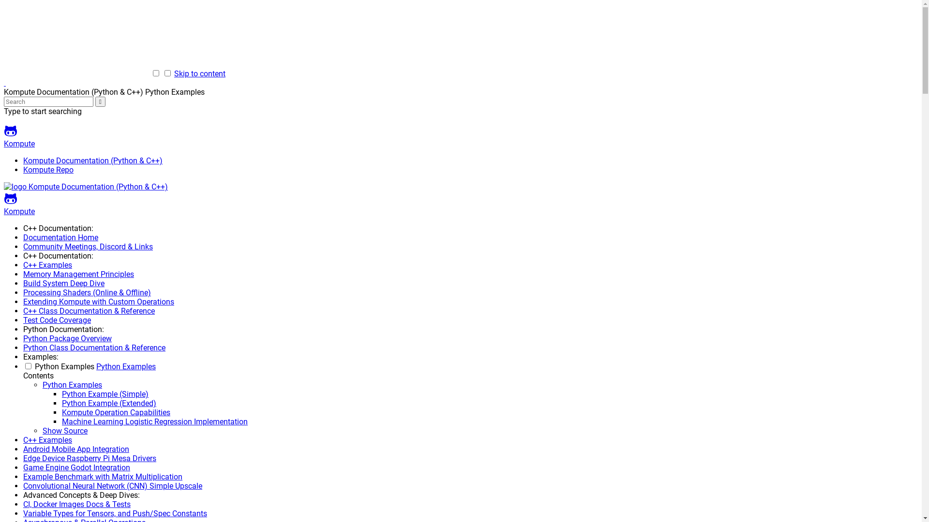  Describe the element at coordinates (76, 467) in the screenshot. I see `'Game Engine Godot Integration'` at that location.